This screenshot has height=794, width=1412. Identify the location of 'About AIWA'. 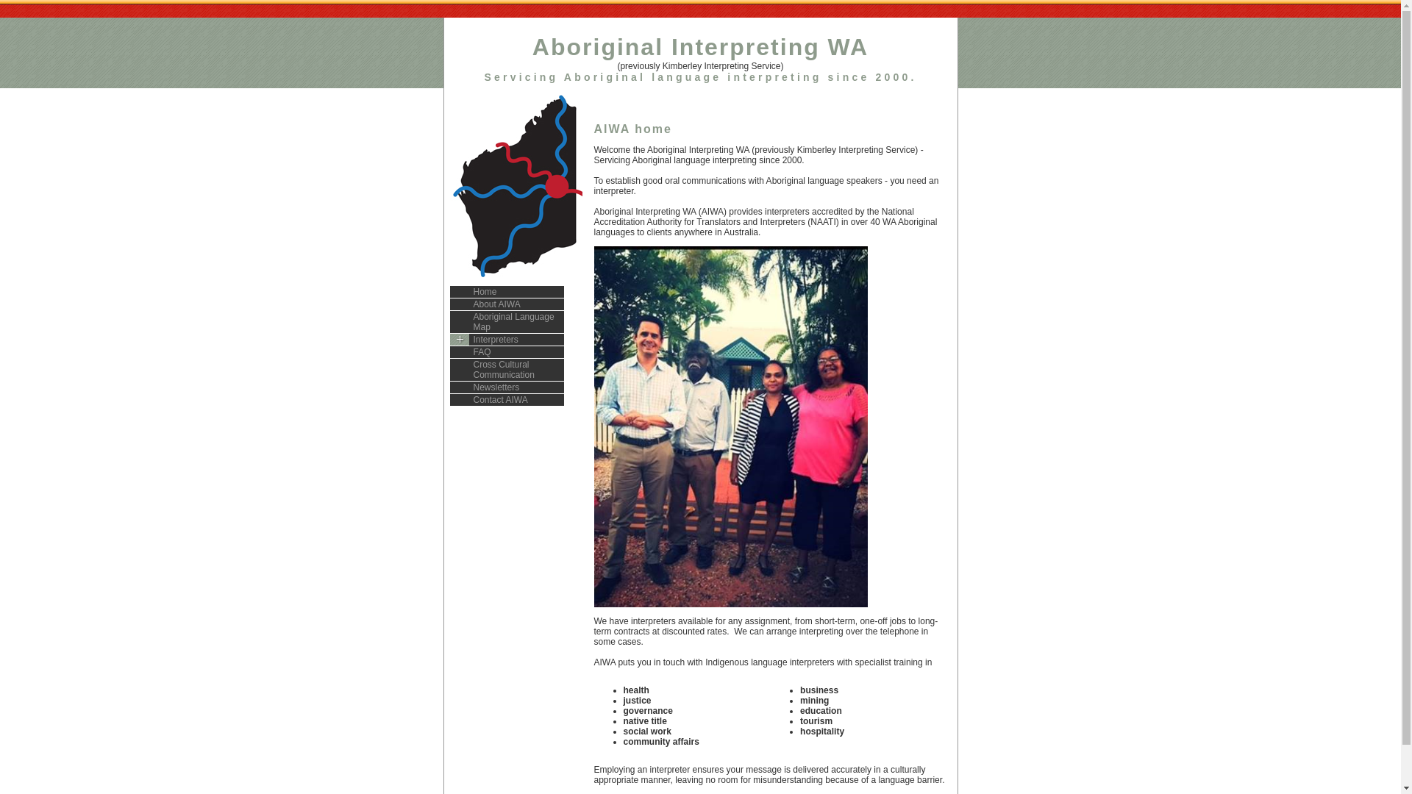
(507, 304).